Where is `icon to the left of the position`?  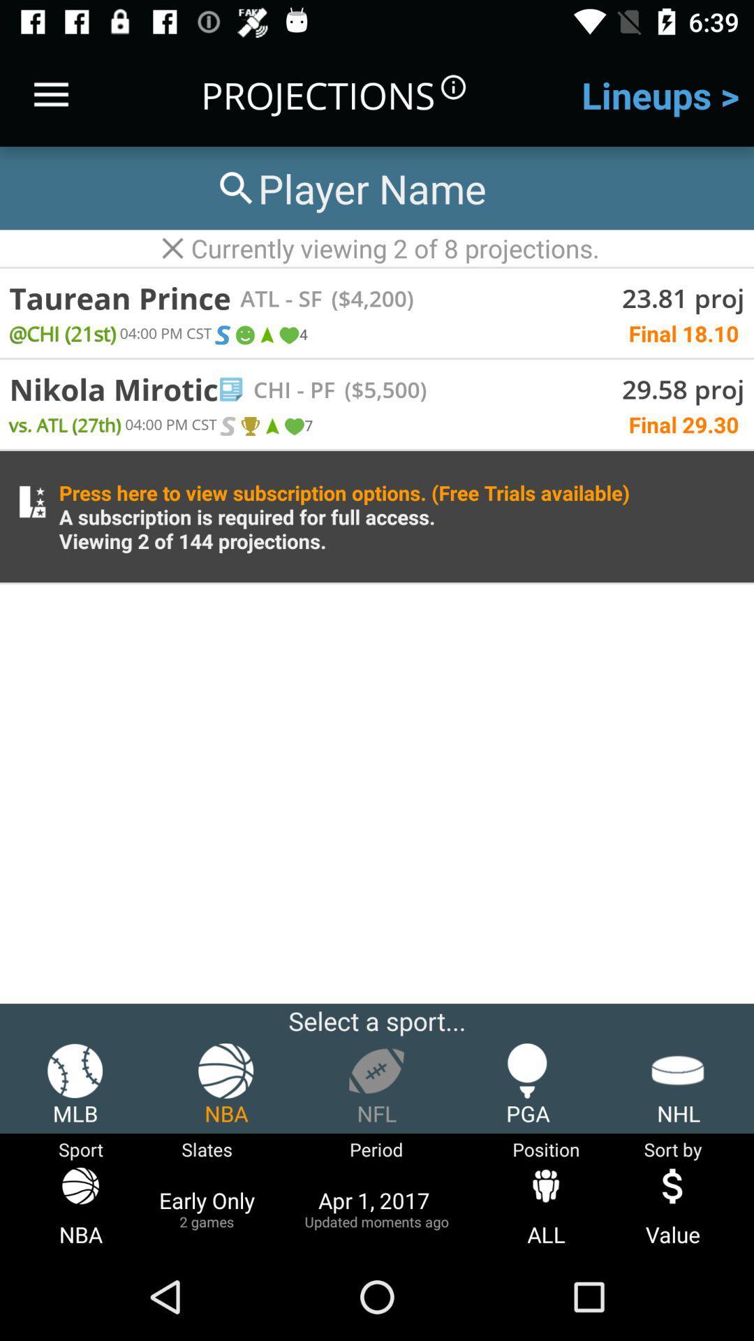
icon to the left of the position is located at coordinates (376, 1208).